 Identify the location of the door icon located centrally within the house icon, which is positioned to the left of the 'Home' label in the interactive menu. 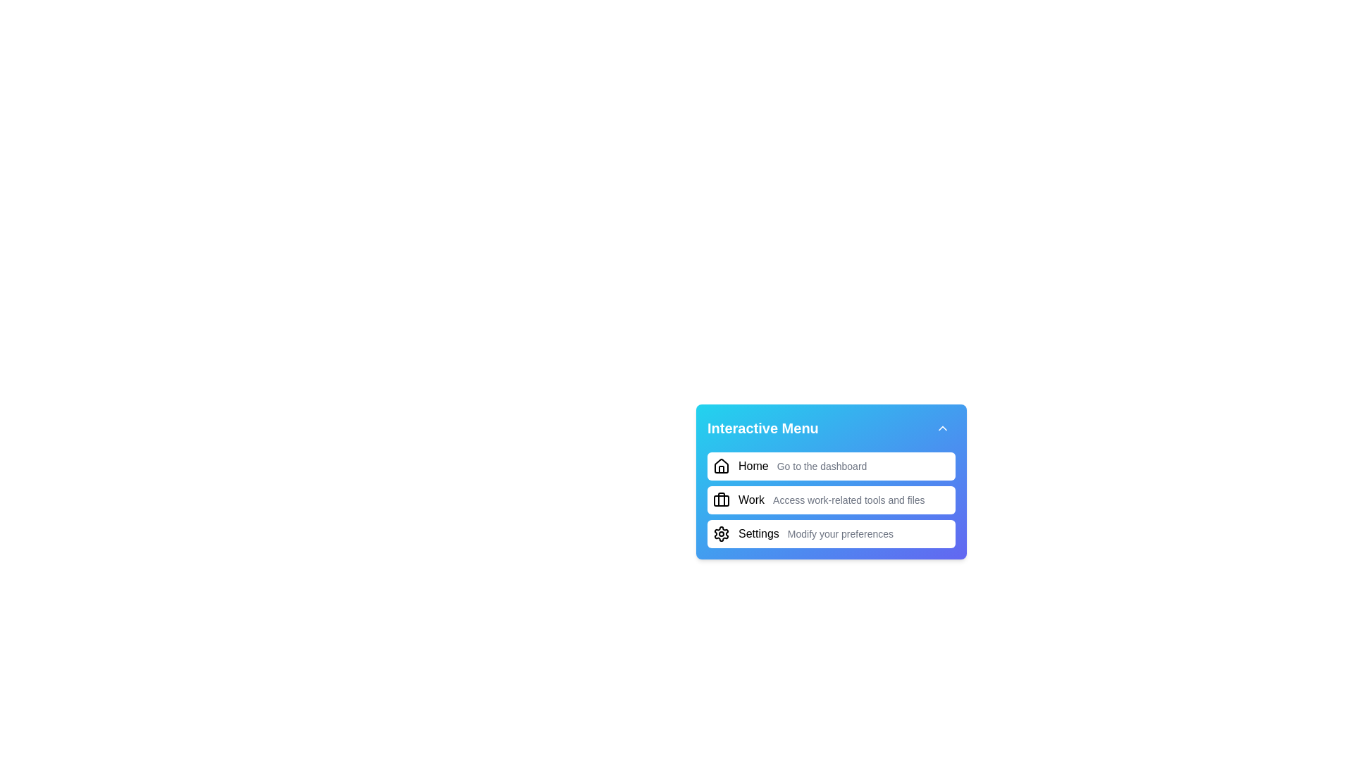
(721, 469).